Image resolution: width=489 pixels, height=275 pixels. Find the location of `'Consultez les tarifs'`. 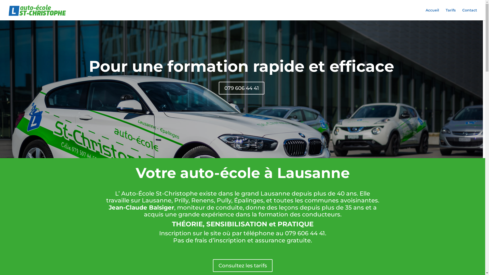

'Consultez les tarifs' is located at coordinates (213, 265).